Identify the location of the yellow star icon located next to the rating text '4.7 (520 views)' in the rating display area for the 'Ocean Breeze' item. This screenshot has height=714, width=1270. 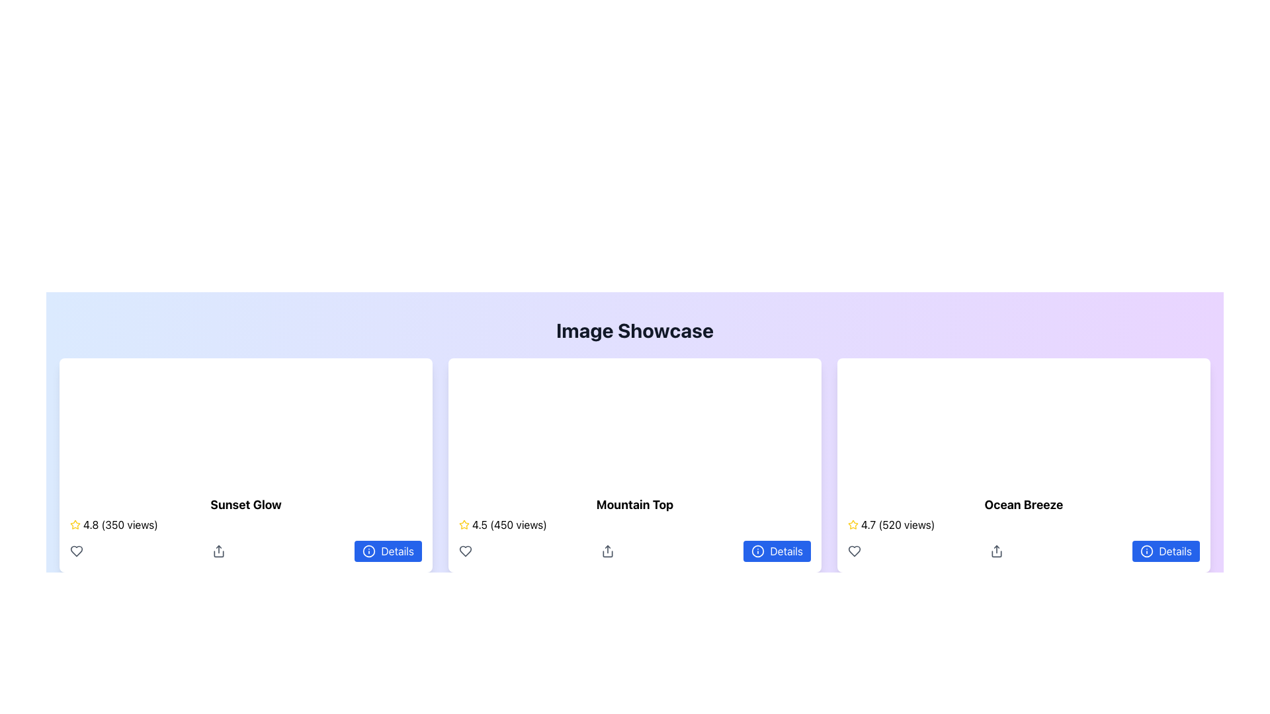
(853, 524).